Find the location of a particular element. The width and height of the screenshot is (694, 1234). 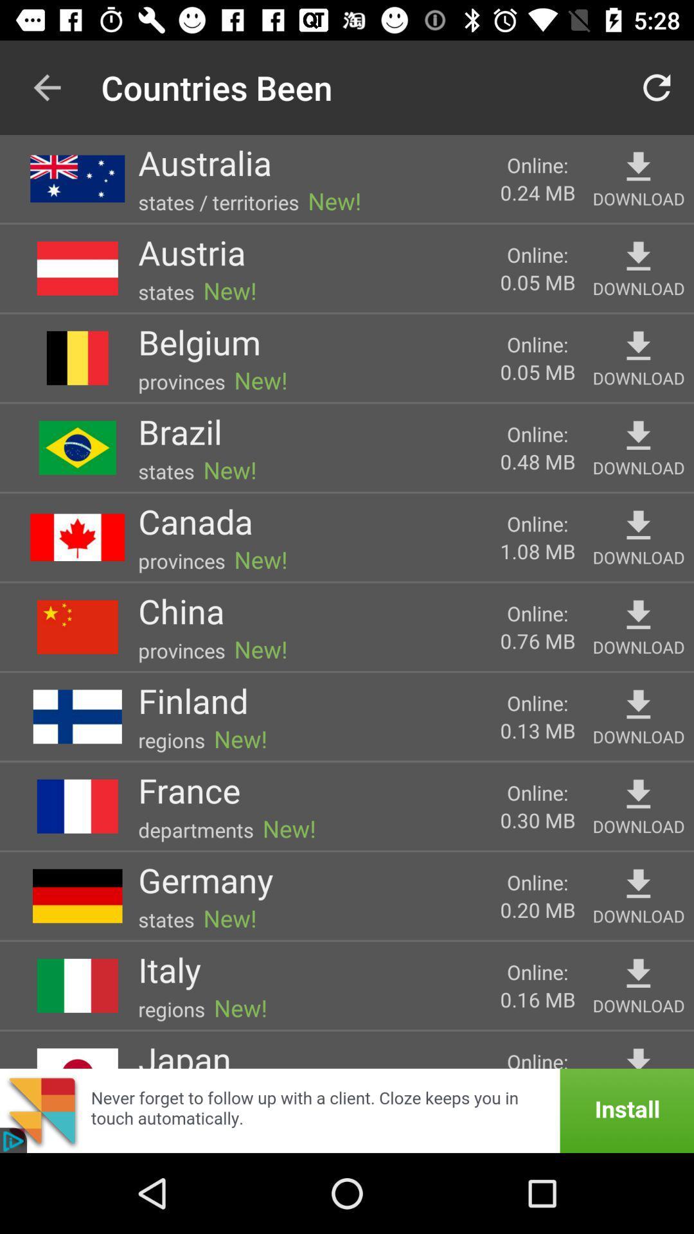

the brazil is located at coordinates (180, 431).